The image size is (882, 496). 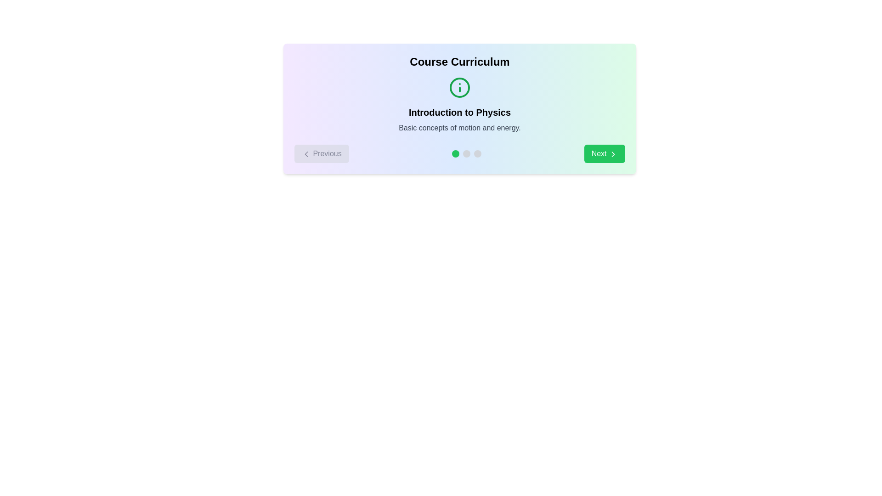 I want to click on the descriptive label providing information about 'Introduction to Physics', located below the title text in the central card interface, so click(x=459, y=128).